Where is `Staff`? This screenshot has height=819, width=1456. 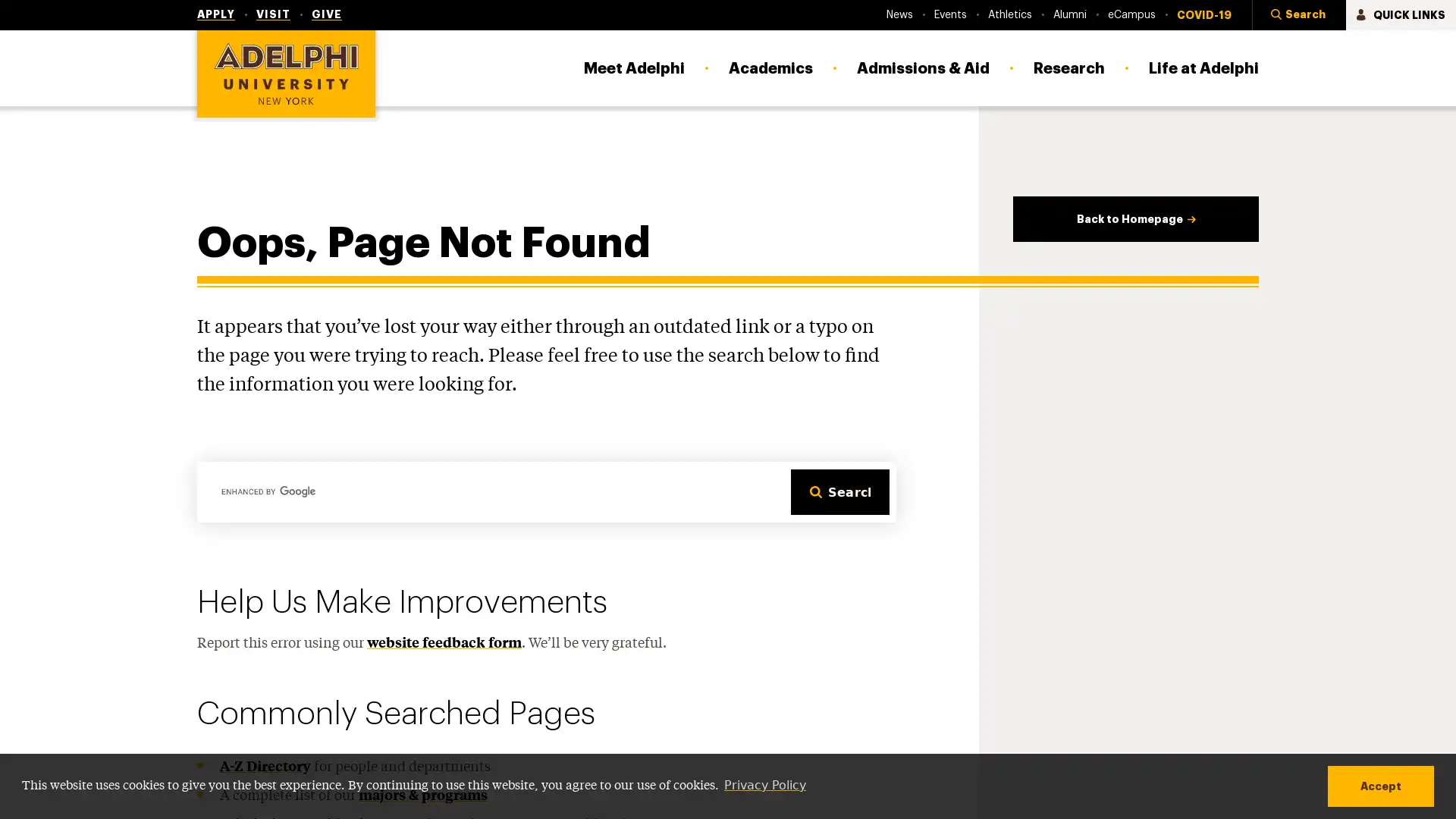
Staff is located at coordinates (1015, 151).